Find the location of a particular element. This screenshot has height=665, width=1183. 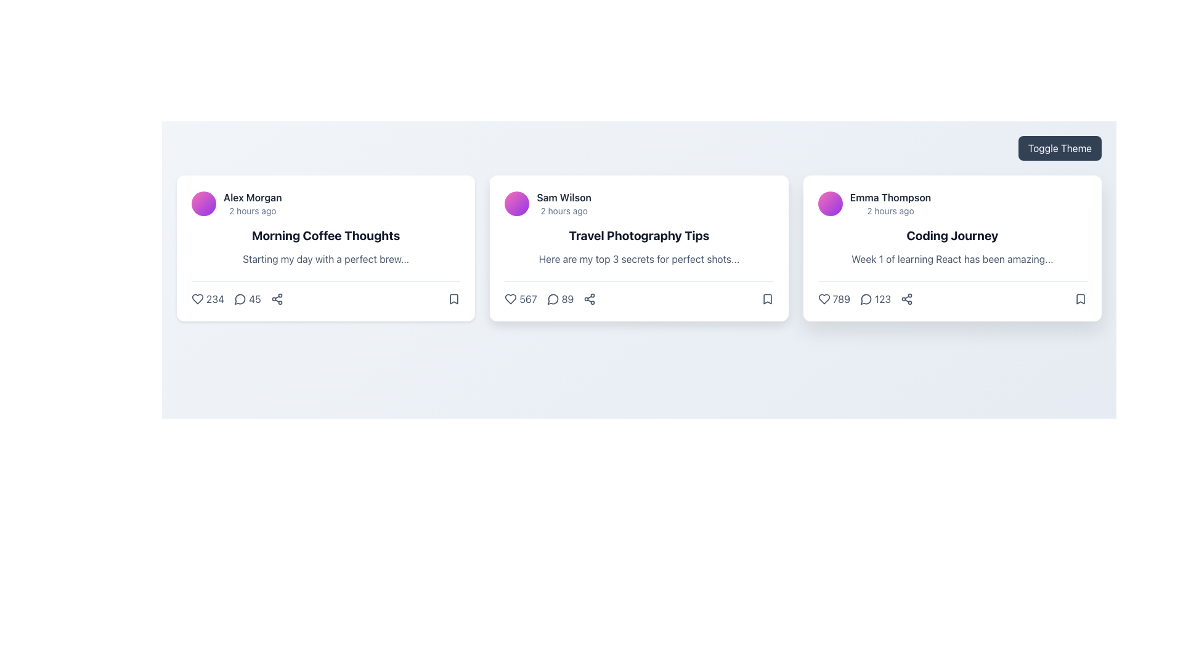

the bookmark icon located at the bottom-right corner of the third card in a horizontal list is located at coordinates (766, 299).